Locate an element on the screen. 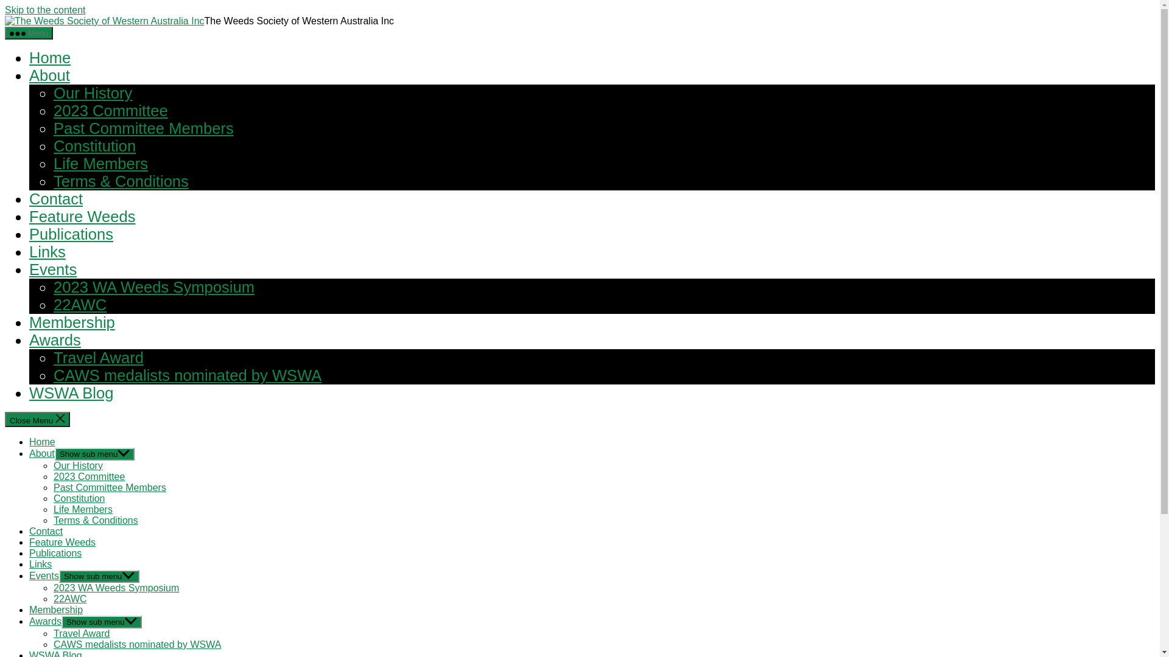  'Travel Award' is located at coordinates (52, 356).